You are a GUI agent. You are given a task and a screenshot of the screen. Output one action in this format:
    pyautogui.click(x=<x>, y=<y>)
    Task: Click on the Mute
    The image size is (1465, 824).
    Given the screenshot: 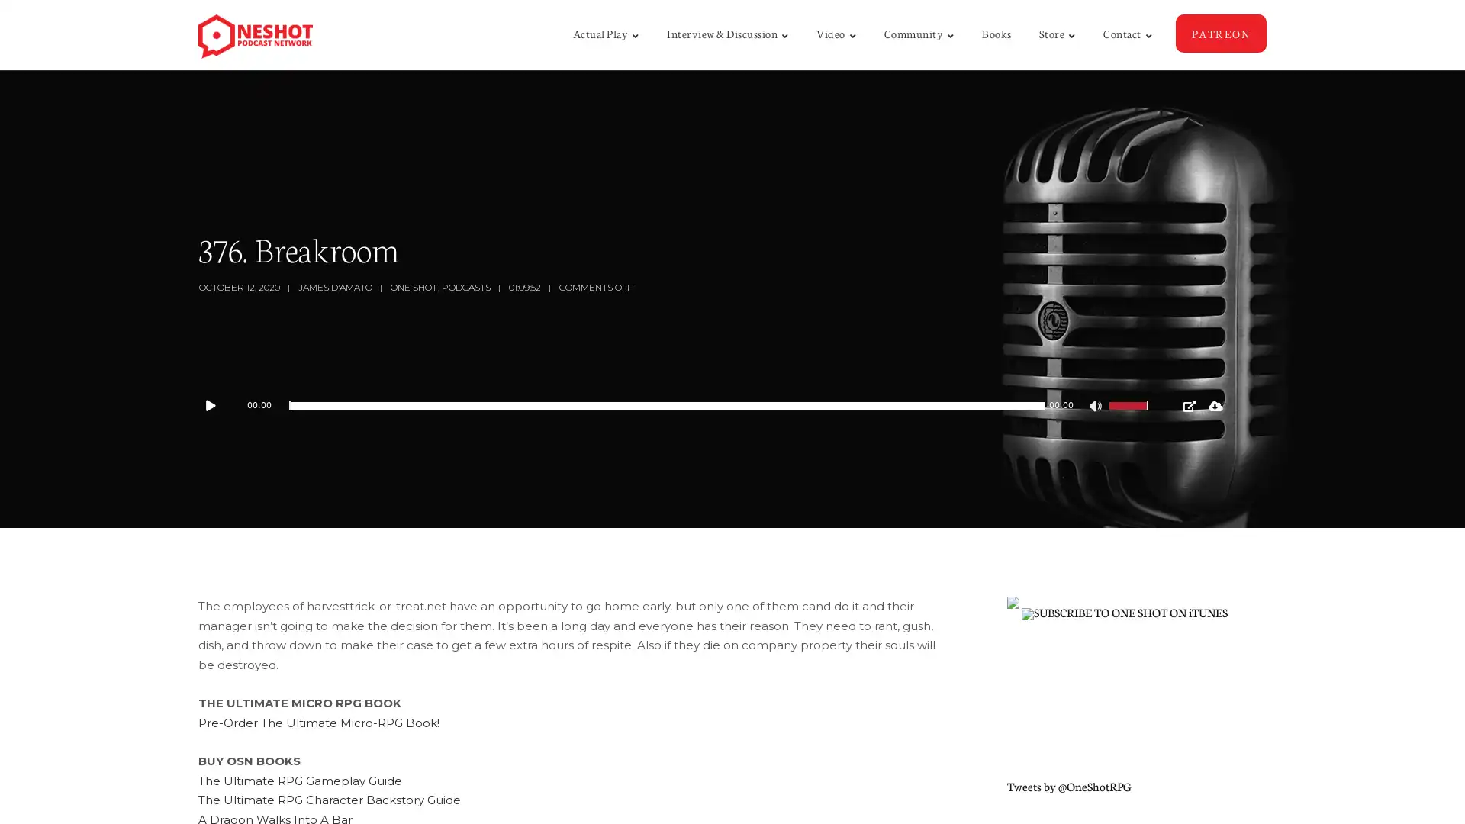 What is the action you would take?
    pyautogui.click(x=1096, y=407)
    